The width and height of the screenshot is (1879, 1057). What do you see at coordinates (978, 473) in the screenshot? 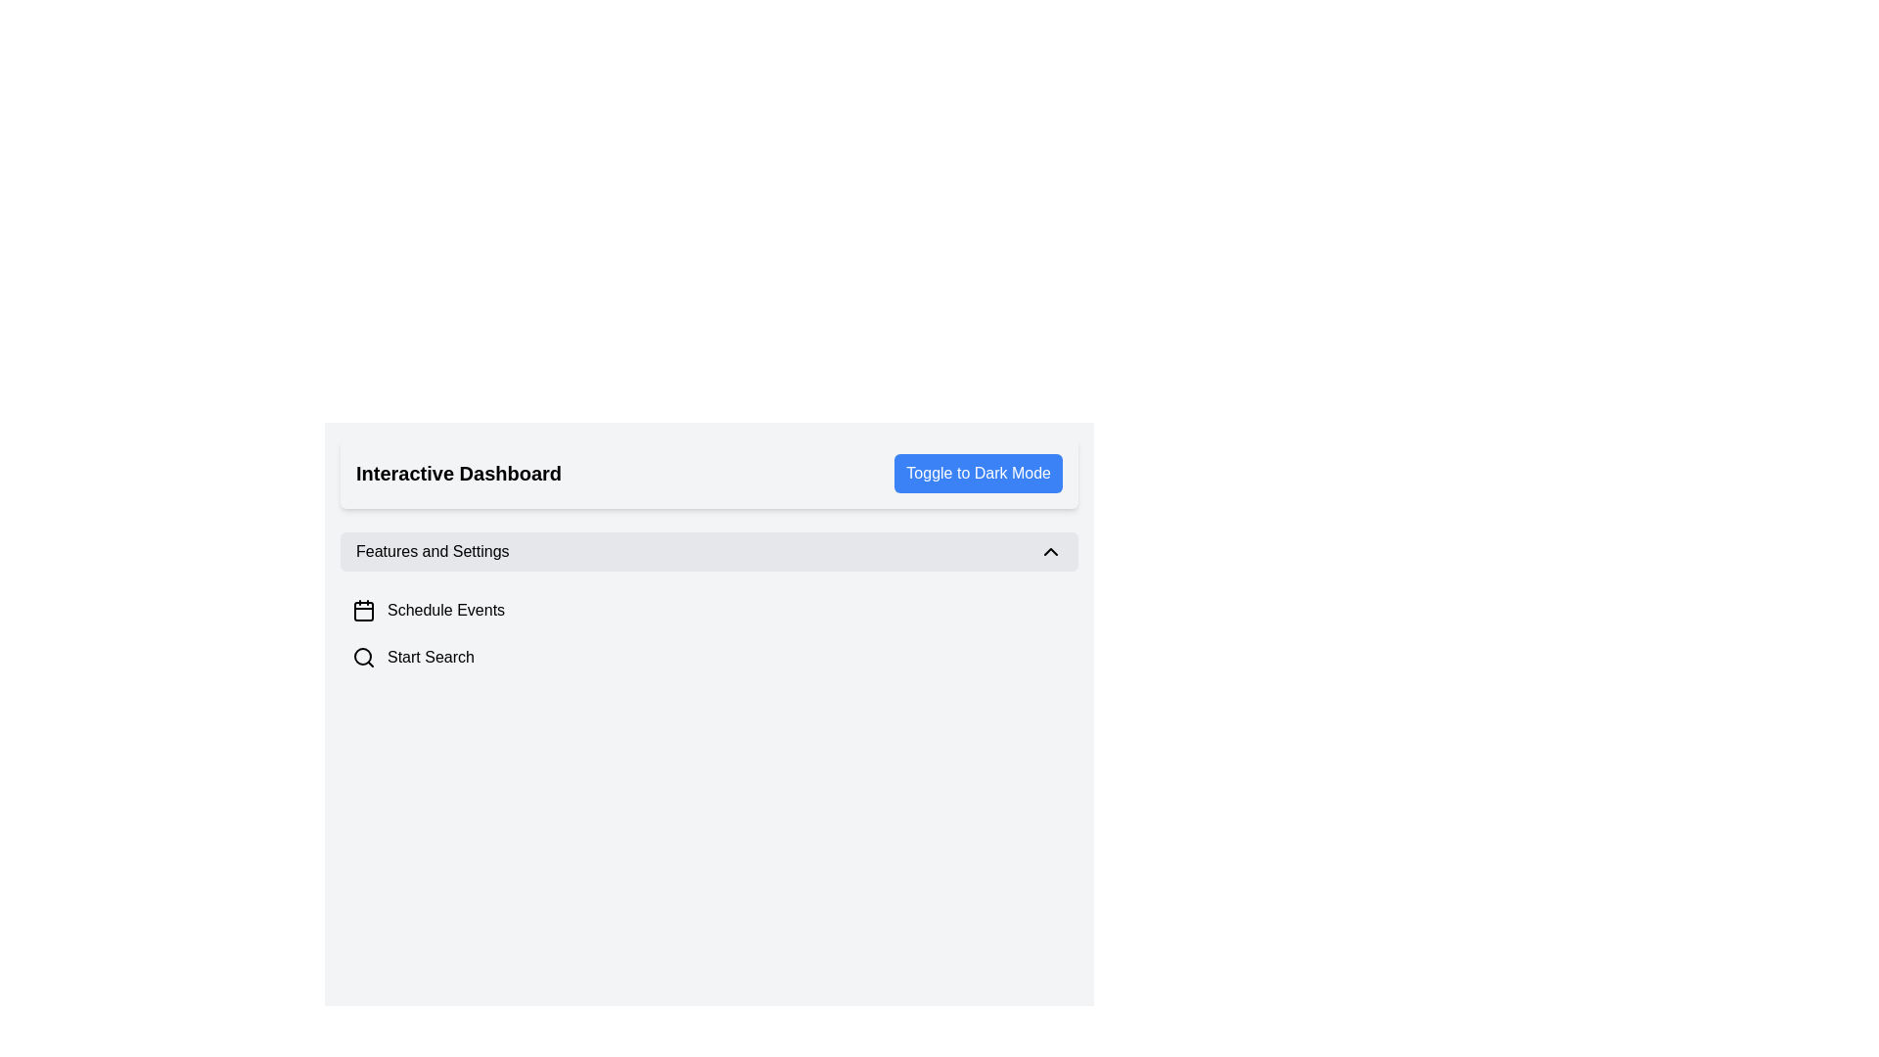
I see `the 'Toggle to Dark Mode' button, which has a blue background and white text, located on the right side of the 'Interactive Dashboard' panel` at bounding box center [978, 473].